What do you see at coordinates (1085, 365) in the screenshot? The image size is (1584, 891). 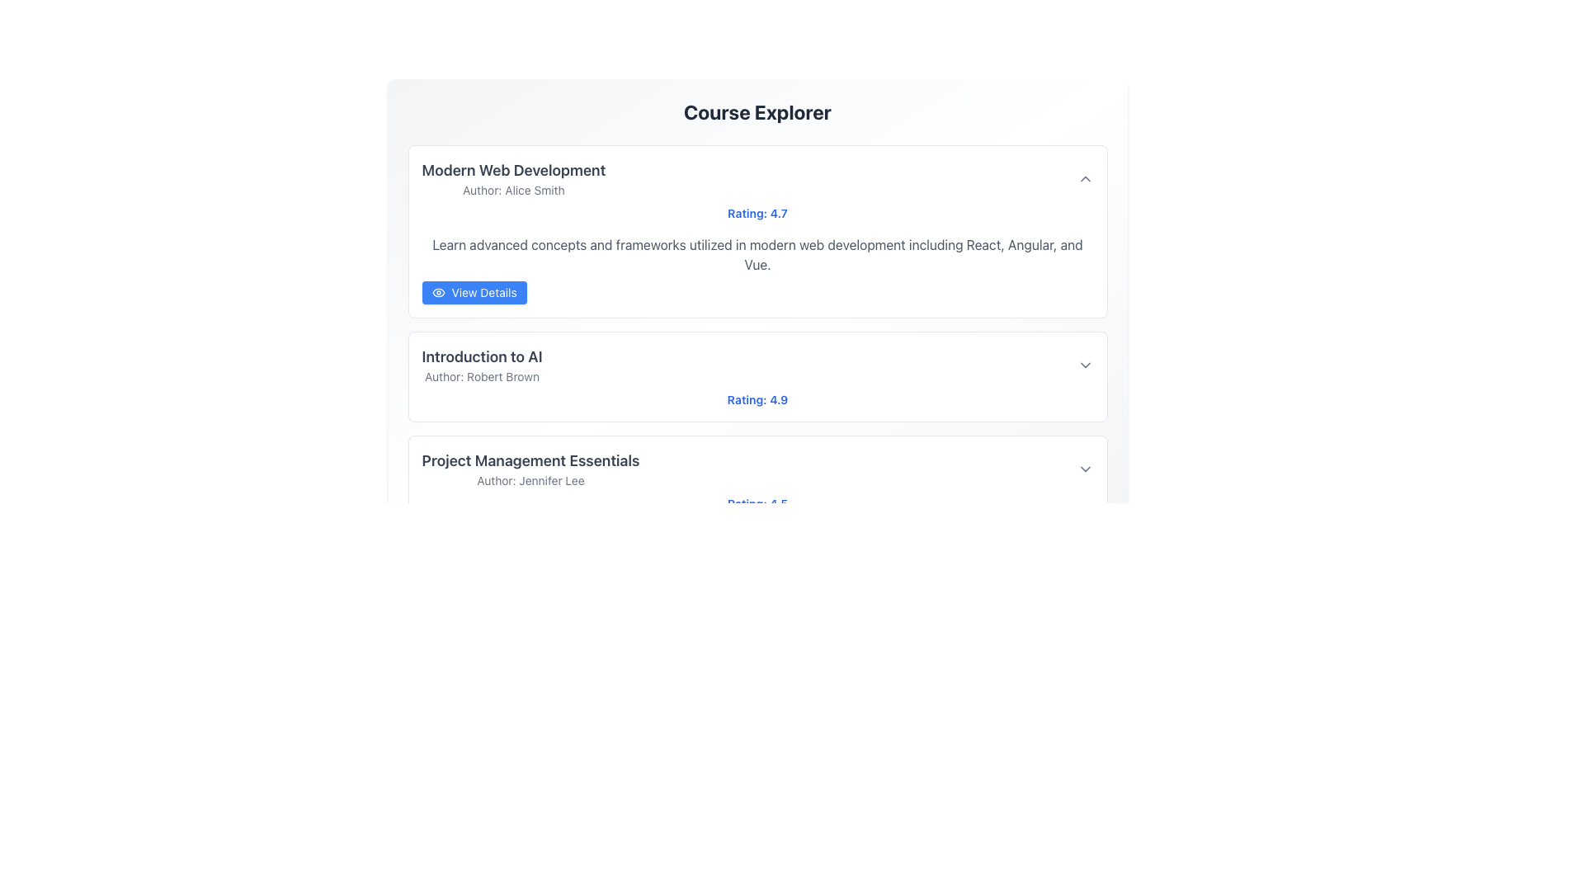 I see `the button located at the far right of the 'Introduction to AI' section` at bounding box center [1085, 365].